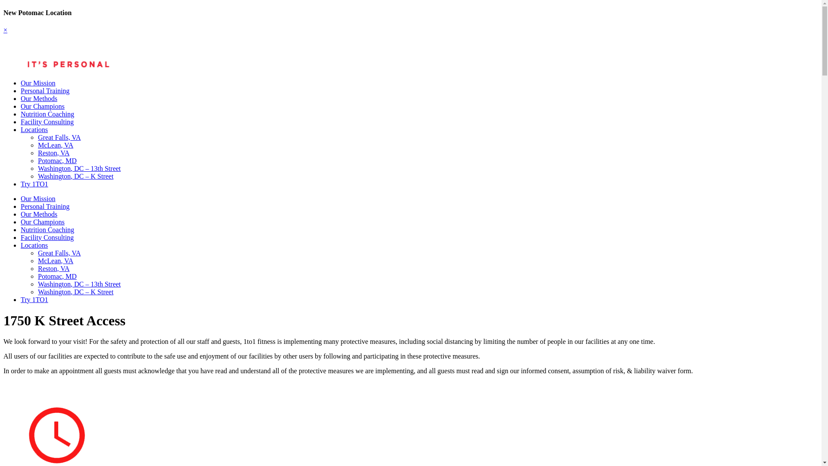 The width and height of the screenshot is (828, 466). What do you see at coordinates (57, 276) in the screenshot?
I see `'Potomac, MD'` at bounding box center [57, 276].